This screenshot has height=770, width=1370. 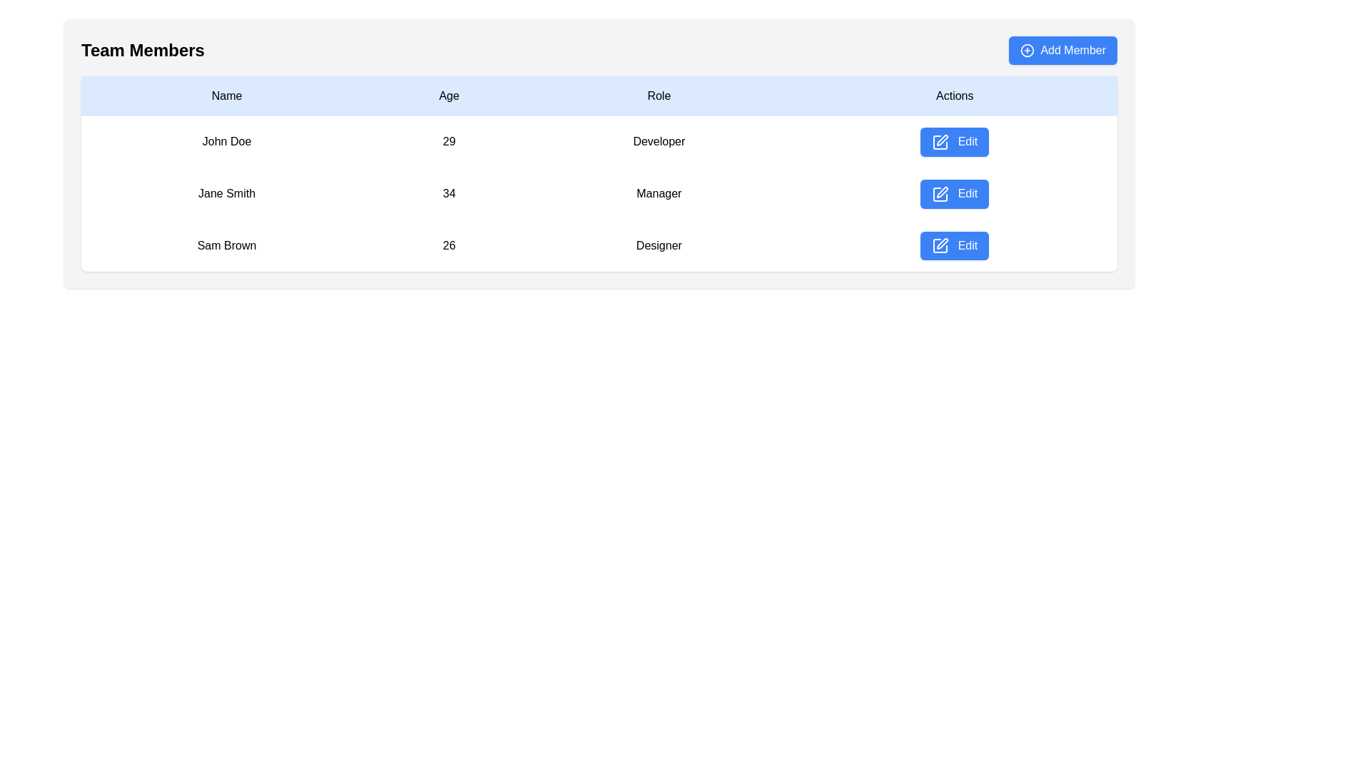 I want to click on the 'Edit' button with the white pen symbol for Jane Smith, located, so click(x=940, y=194).